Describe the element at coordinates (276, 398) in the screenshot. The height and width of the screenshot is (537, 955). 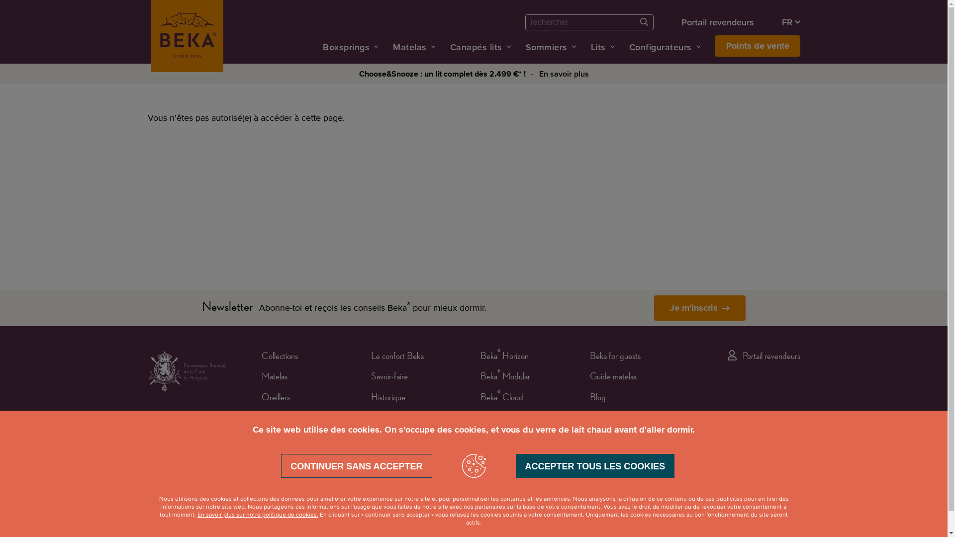
I see `'Oreillers'` at that location.